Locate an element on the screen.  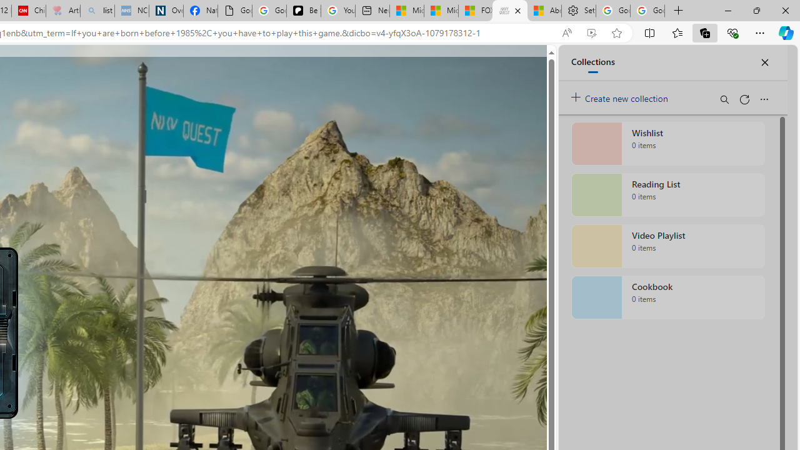
'Browser essentials' is located at coordinates (732, 32).